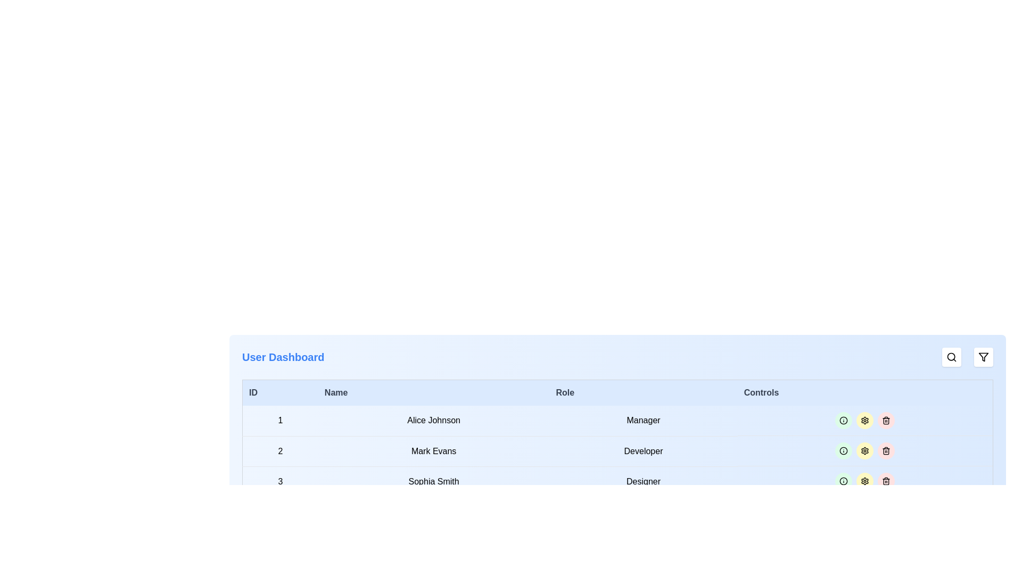  I want to click on the static text label indicating the role of 'Sophia Smith' in the data table, which is located in the third row and third column under the 'Role' header, so click(643, 481).